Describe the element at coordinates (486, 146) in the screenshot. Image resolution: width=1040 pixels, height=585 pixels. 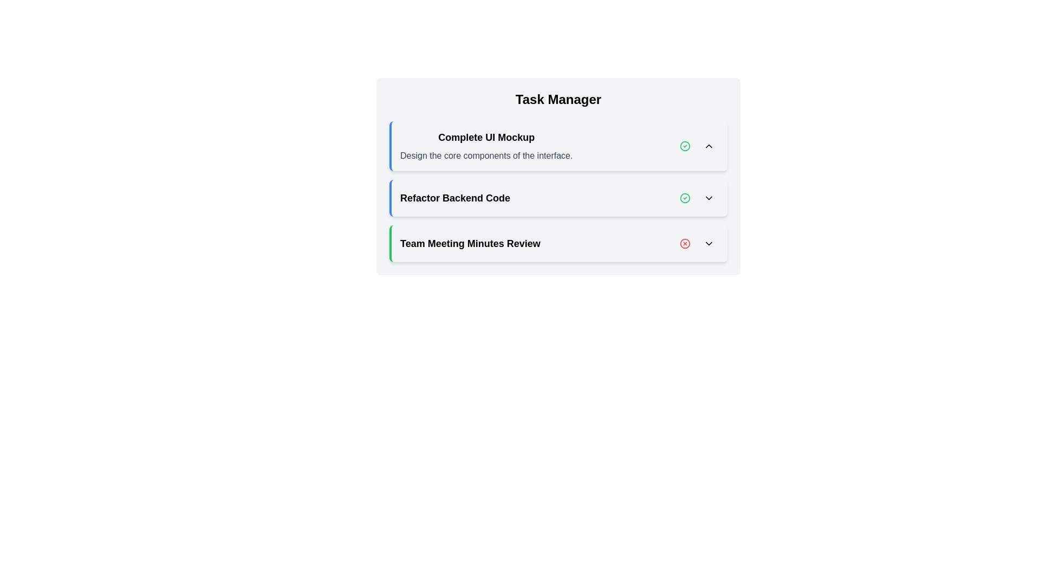
I see `the first Informational Text Block in the task list to read its content` at that location.